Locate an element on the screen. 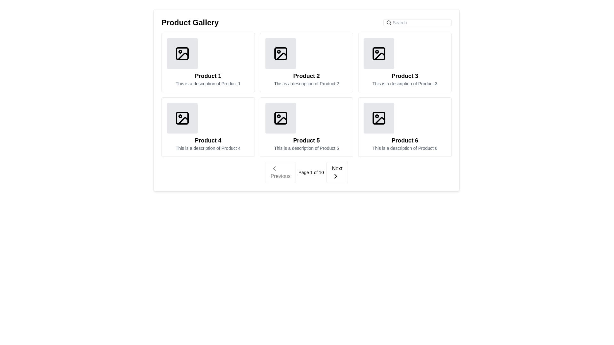  the chevron icon within the 'Next' button is located at coordinates (335, 176).